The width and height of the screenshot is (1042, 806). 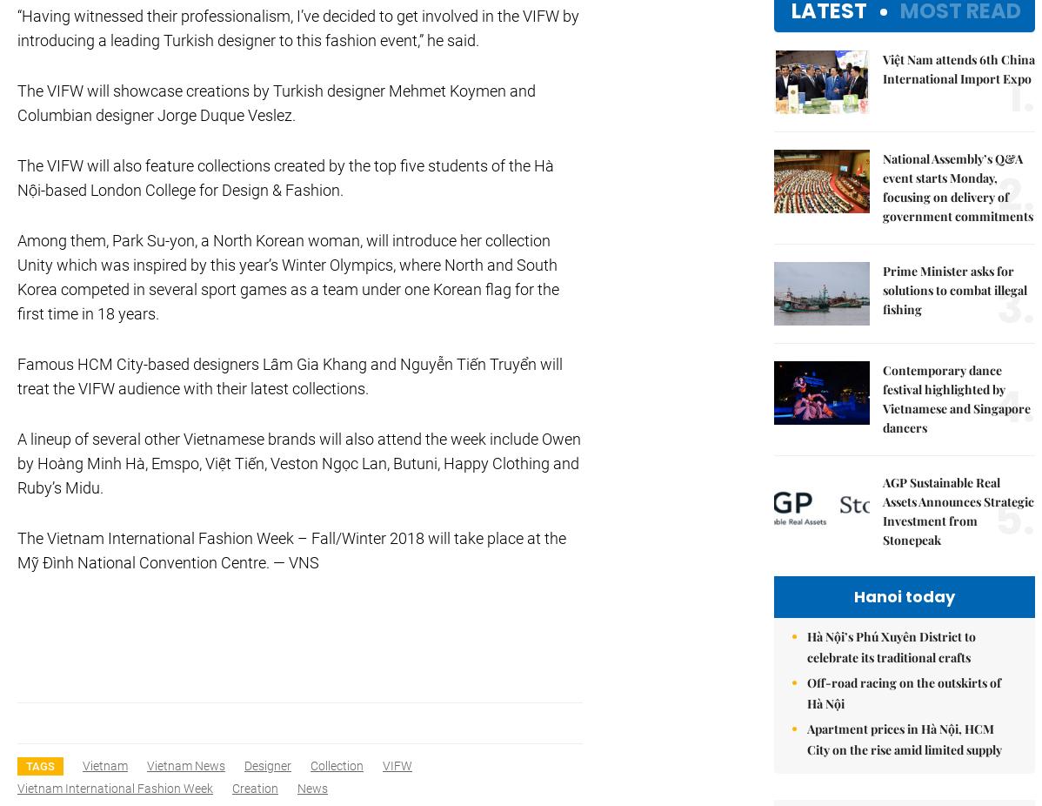 What do you see at coordinates (242, 117) in the screenshot?
I see `'Tel: 84-24-39332316 - Fax: 84-24-39332311 - E-mail: vnnews@vnagency.com.vn'` at bounding box center [242, 117].